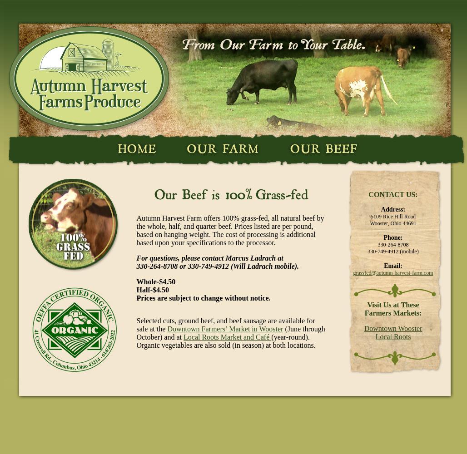 The height and width of the screenshot is (454, 467). Describe the element at coordinates (136, 341) in the screenshot. I see `'(year-round).  Organic vegetables are also sold (in season) at both locations.'` at that location.